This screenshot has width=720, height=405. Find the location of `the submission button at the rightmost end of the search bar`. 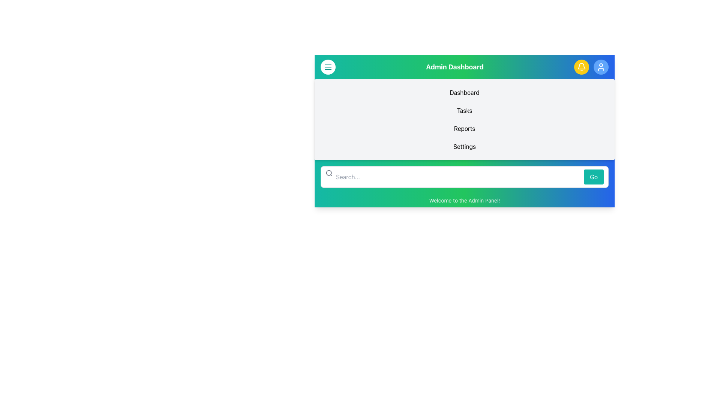

the submission button at the rightmost end of the search bar is located at coordinates (593, 177).